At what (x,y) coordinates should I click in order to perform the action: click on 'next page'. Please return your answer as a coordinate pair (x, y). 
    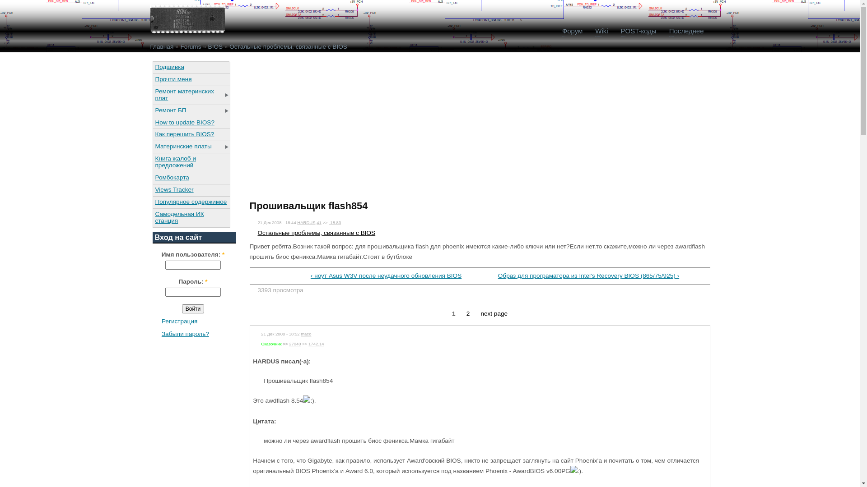
    Looking at the image, I should click on (480, 313).